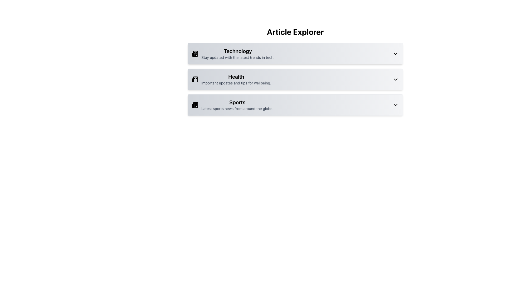 This screenshot has height=285, width=506. Describe the element at coordinates (231, 79) in the screenshot. I see `the Group item representing the Health section, which consists of an icon and two text lines` at that location.